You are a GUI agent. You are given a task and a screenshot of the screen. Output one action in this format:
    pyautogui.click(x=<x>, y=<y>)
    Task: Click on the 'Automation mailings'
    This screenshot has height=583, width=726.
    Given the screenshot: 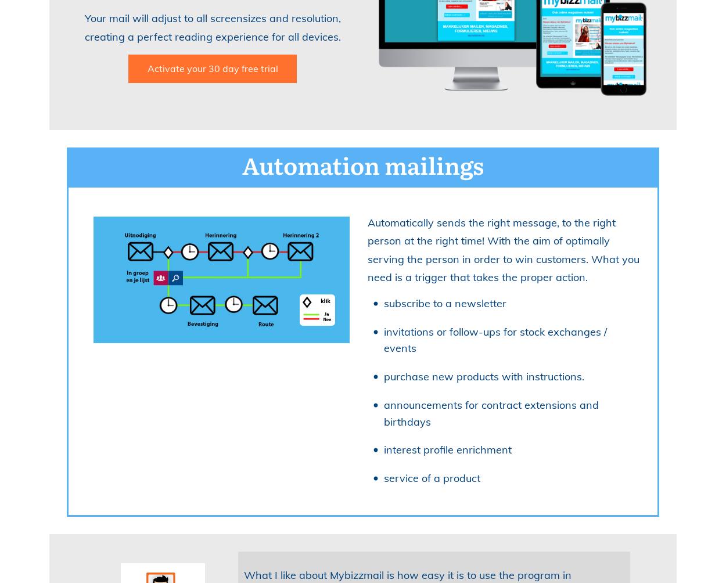 What is the action you would take?
    pyautogui.click(x=363, y=164)
    